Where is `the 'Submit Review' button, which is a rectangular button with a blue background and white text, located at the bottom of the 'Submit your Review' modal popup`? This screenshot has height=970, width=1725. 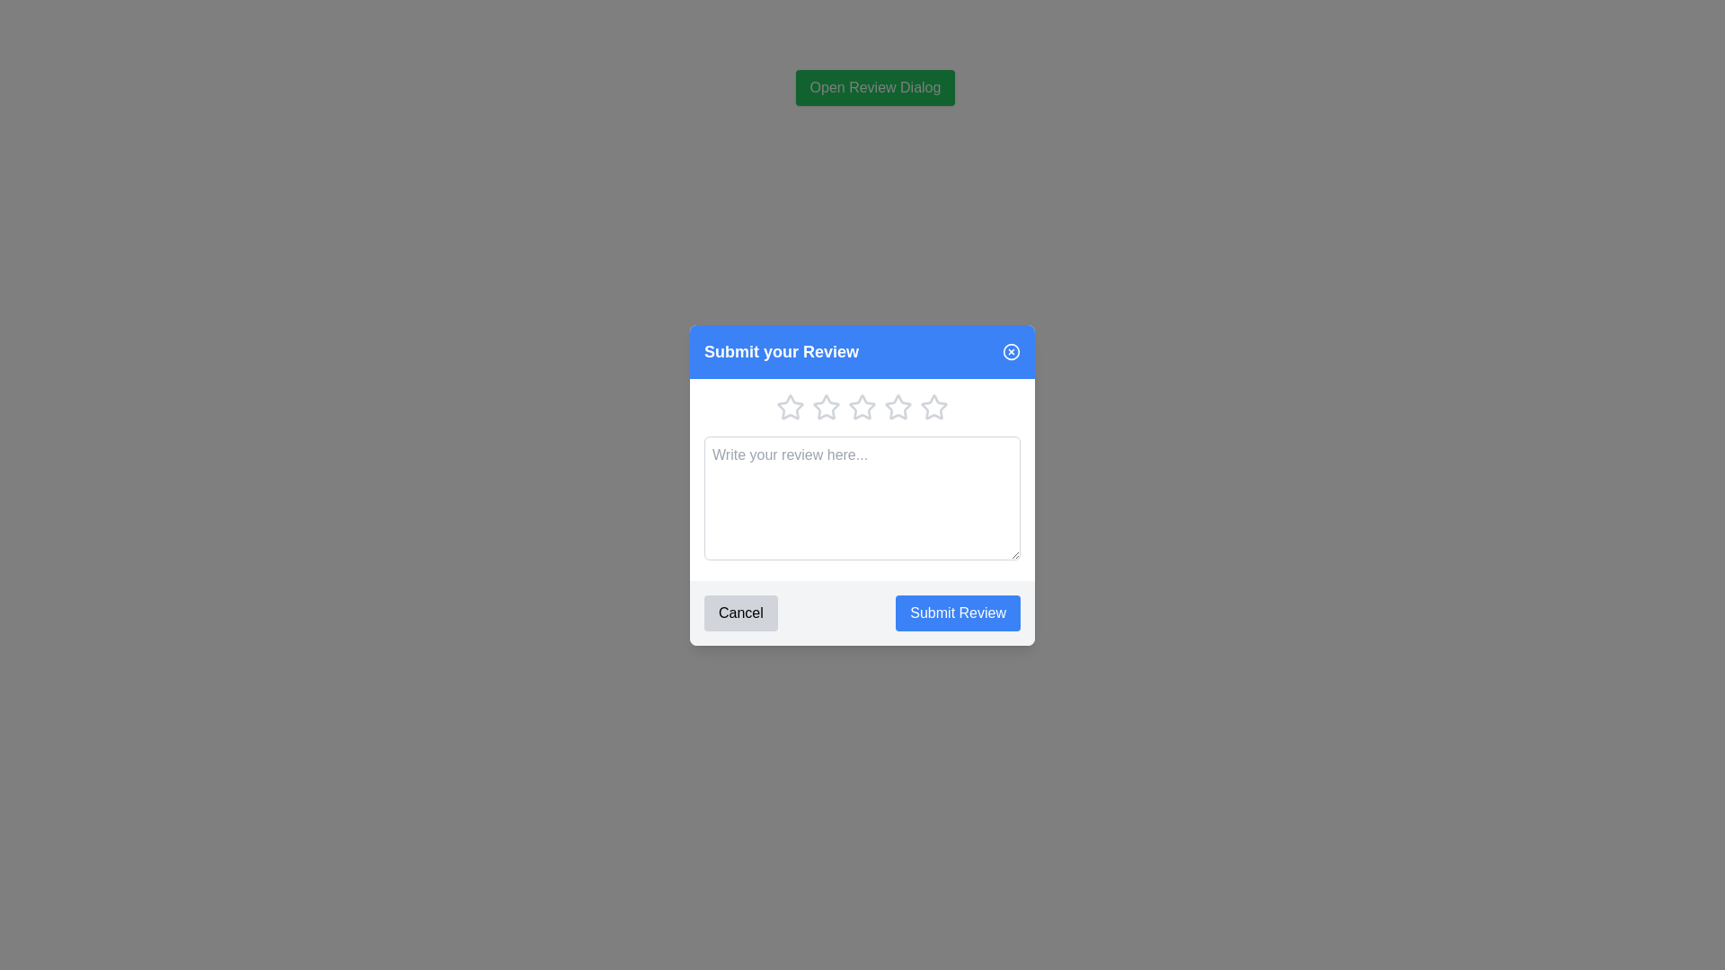
the 'Submit Review' button, which is a rectangular button with a blue background and white text, located at the bottom of the 'Submit your Review' modal popup is located at coordinates (957, 612).